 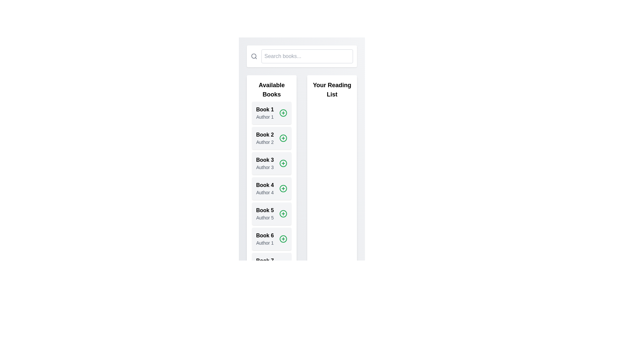 What do you see at coordinates (272, 138) in the screenshot?
I see `the list item titled 'Book 2' with the add action, which includes a green '+' icon and is located in the 'Available Books' section` at bounding box center [272, 138].